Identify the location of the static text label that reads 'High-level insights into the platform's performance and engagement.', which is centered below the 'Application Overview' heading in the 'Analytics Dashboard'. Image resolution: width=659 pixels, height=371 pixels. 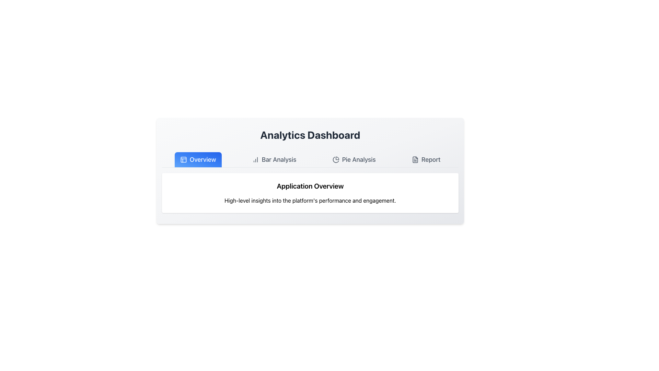
(310, 200).